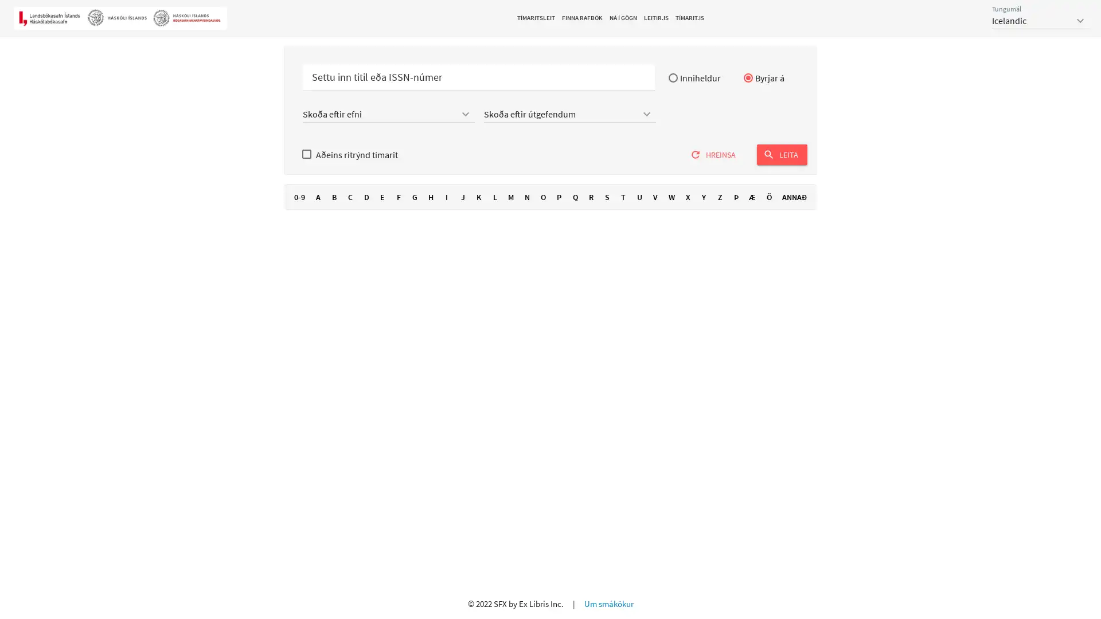 The width and height of the screenshot is (1101, 619). I want to click on R, so click(591, 196).